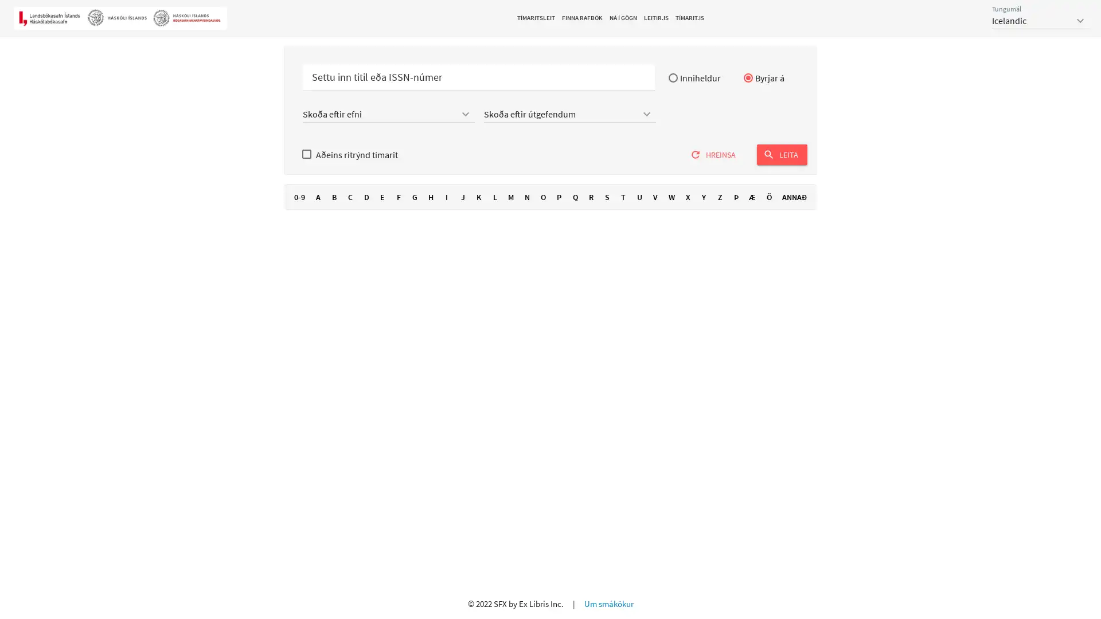 The width and height of the screenshot is (1101, 619). I want to click on R, so click(591, 196).